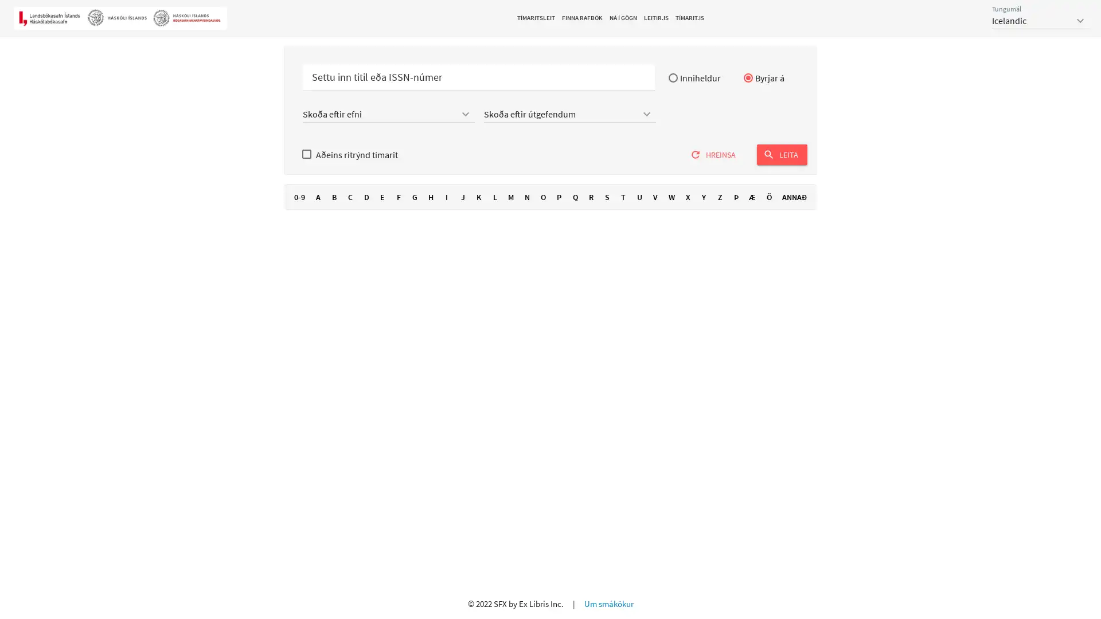 The width and height of the screenshot is (1101, 619). I want to click on R, so click(591, 196).